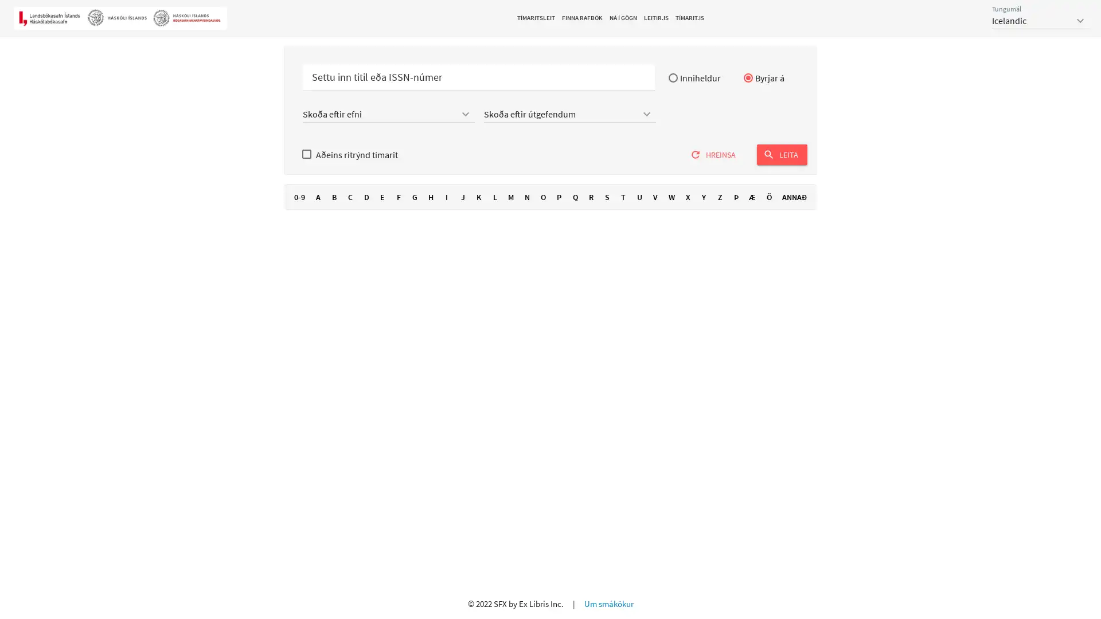 The width and height of the screenshot is (1101, 619). I want to click on R, so click(591, 196).